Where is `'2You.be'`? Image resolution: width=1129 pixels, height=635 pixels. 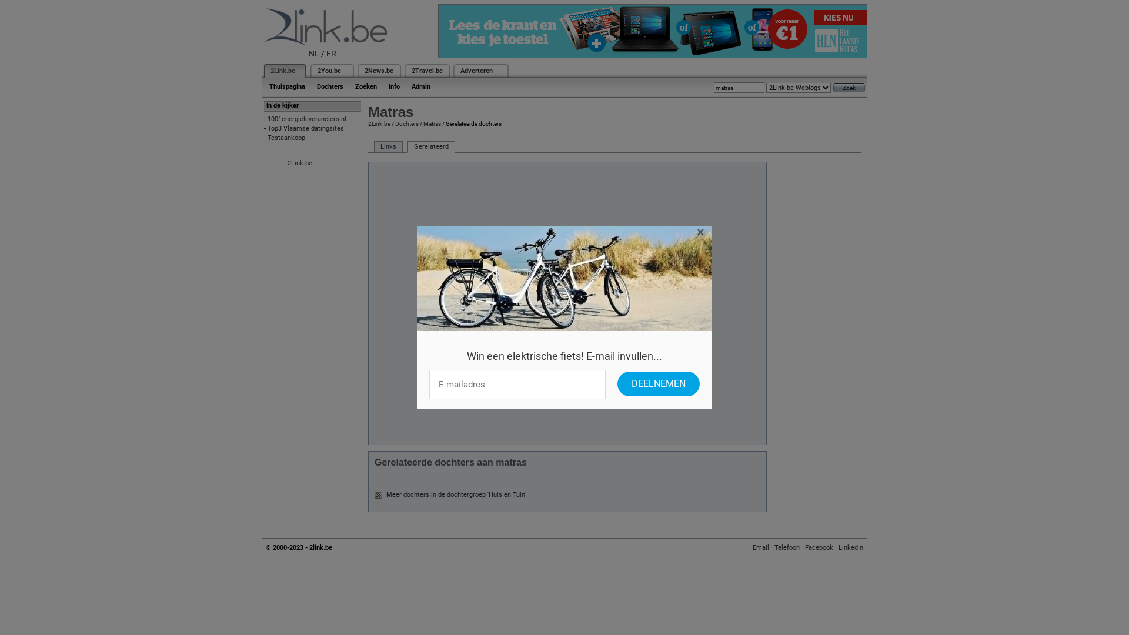 '2You.be' is located at coordinates (317, 71).